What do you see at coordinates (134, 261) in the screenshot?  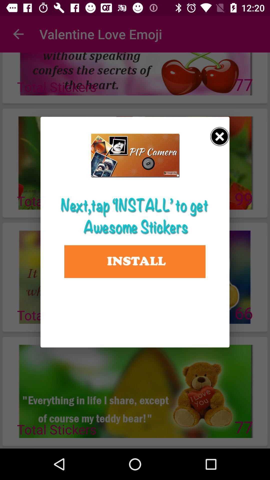 I see `install app` at bounding box center [134, 261].